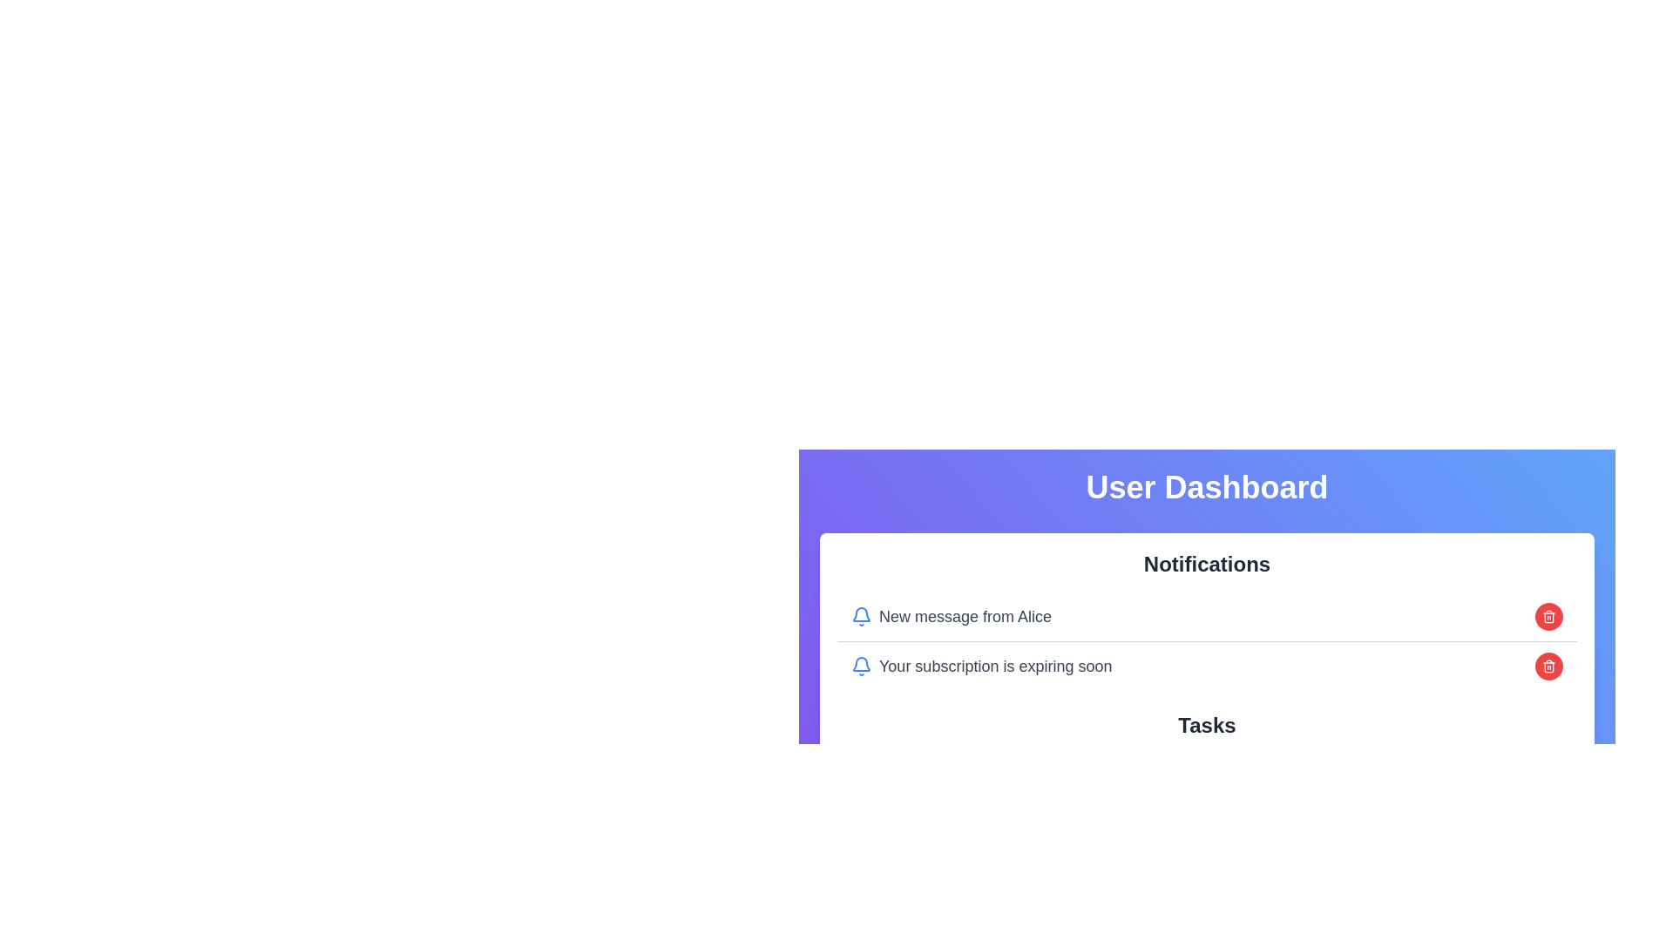  I want to click on the bell icon that signifies a notification for the message 'Your subscription is expiring soon', located to the left of the notification text, so click(861, 666).